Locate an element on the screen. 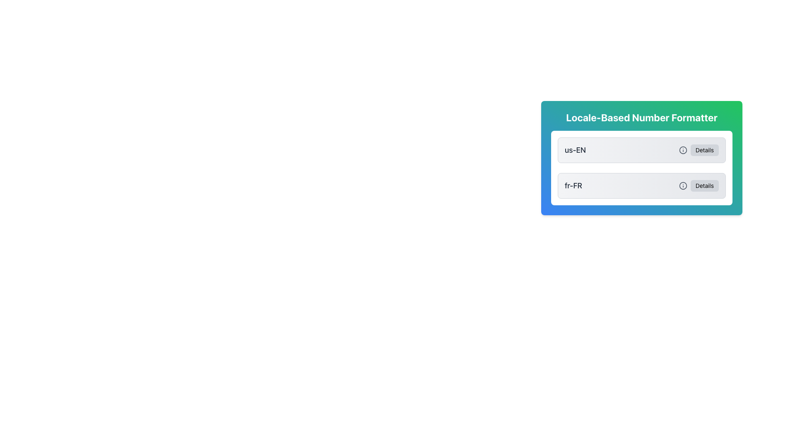 The image size is (795, 447). the information icon located to the right of the 'us-EN' label in the upper list item, adjacent to the 'Details' button is located at coordinates (683, 150).